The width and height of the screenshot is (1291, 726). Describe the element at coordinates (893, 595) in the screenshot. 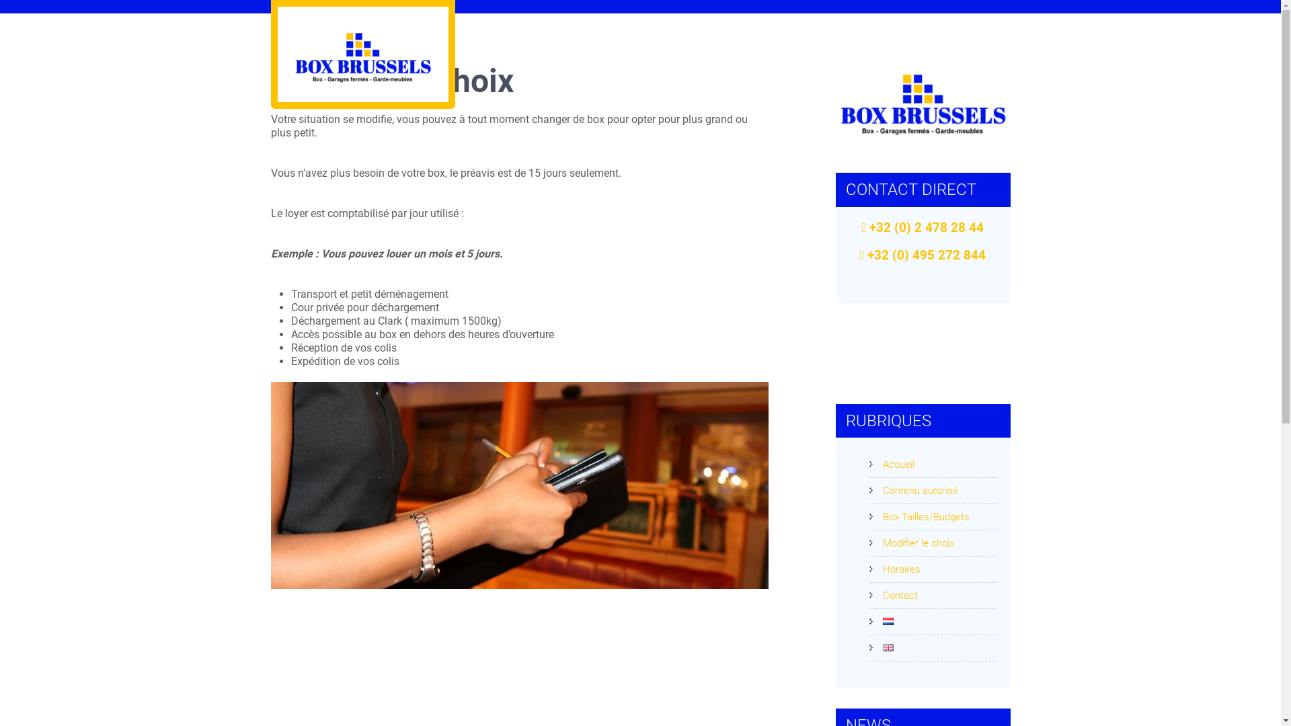

I see `'Contact'` at that location.